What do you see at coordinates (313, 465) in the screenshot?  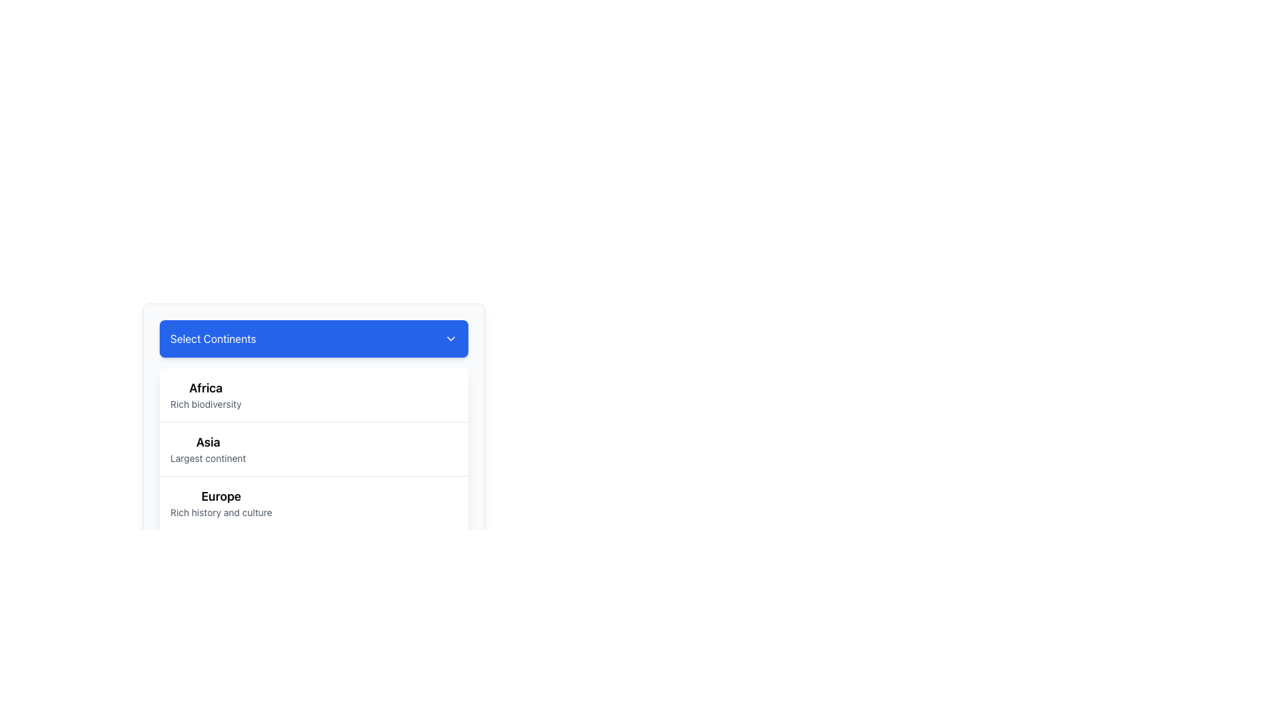 I see `the dropdown menu option for selecting the continent Asia, which is the second item in the list` at bounding box center [313, 465].